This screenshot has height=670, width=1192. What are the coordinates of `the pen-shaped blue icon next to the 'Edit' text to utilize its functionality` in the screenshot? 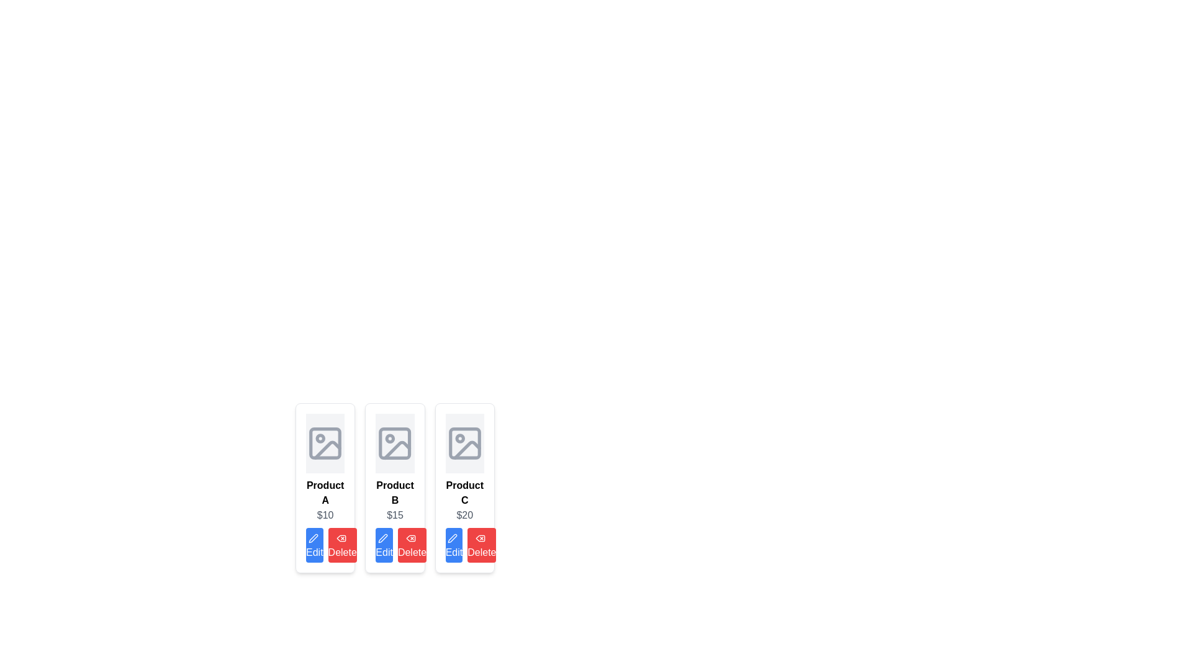 It's located at (313, 537).